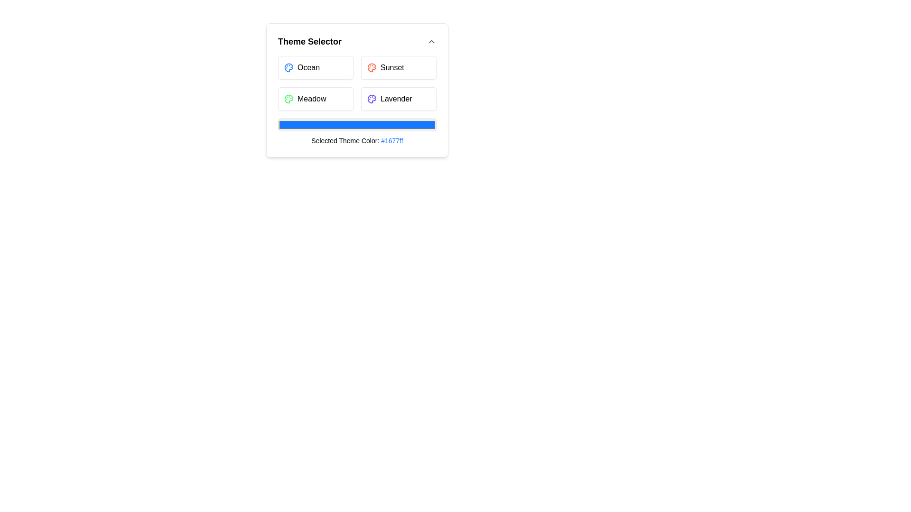 Image resolution: width=911 pixels, height=512 pixels. What do you see at coordinates (316, 67) in the screenshot?
I see `the 'Ocean' button in the upper-left quadrant of the grid layout to interact` at bounding box center [316, 67].